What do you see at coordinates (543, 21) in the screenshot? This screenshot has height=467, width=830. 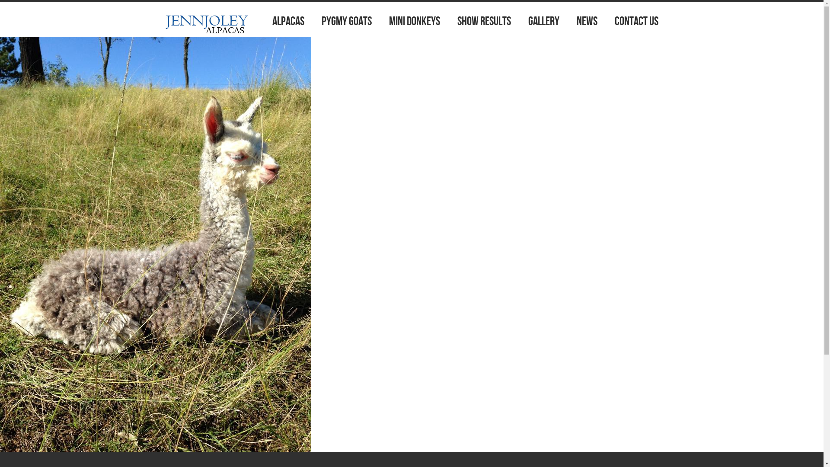 I see `'GALLERY'` at bounding box center [543, 21].